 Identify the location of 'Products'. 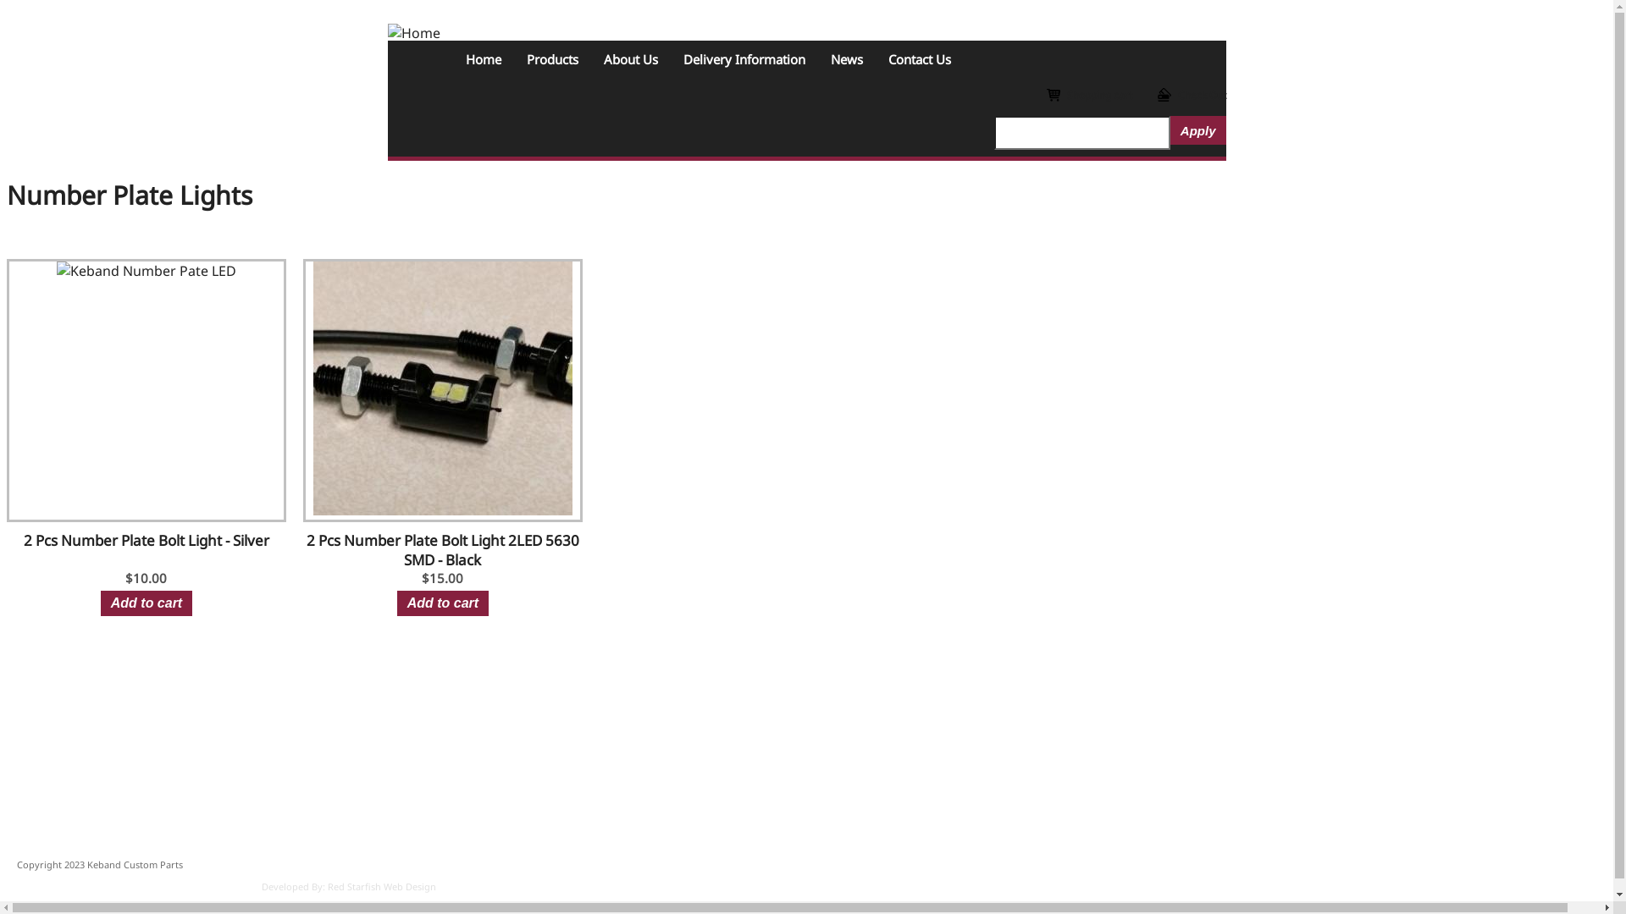
(551, 58).